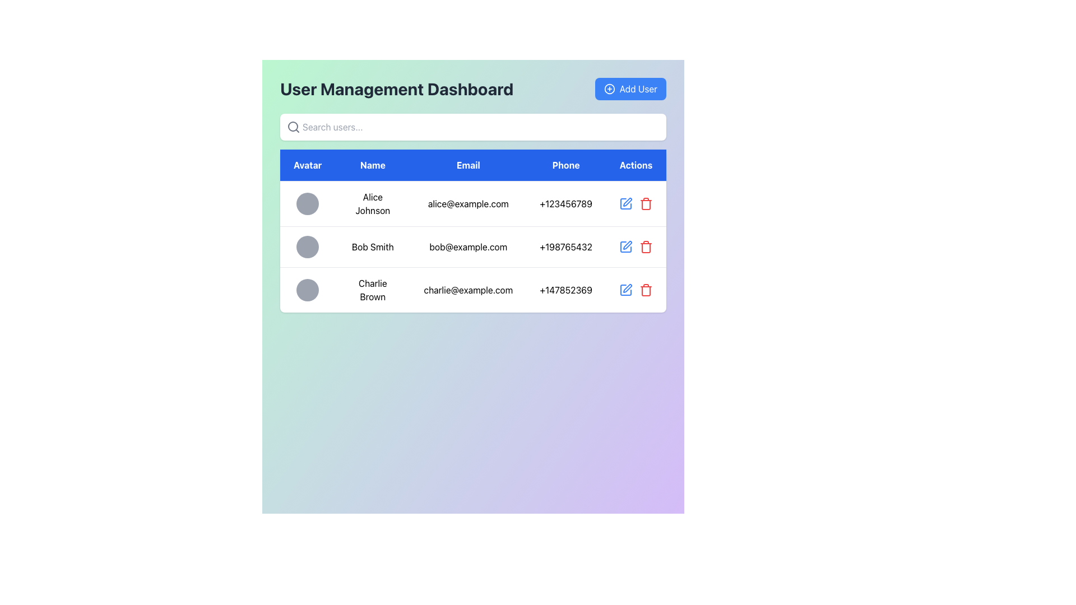 The width and height of the screenshot is (1076, 605). Describe the element at coordinates (468, 246) in the screenshot. I see `the read-only email display for user 'Bob Smith' located in the third cell of the row under the 'Email' column` at that location.